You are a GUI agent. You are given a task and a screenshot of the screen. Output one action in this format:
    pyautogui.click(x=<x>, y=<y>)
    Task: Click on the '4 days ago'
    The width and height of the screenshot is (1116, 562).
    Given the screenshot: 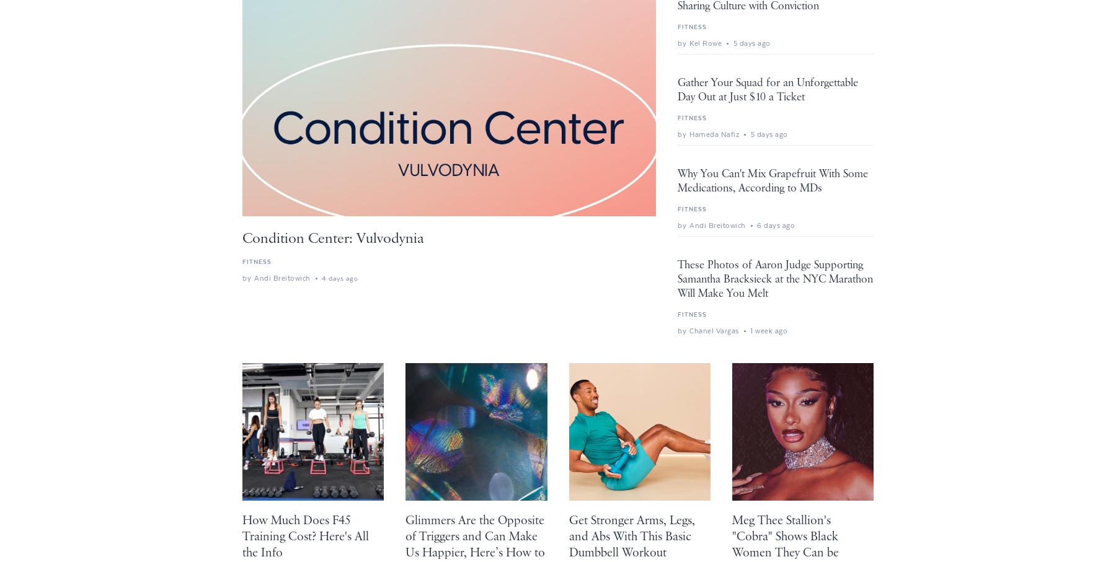 What is the action you would take?
    pyautogui.click(x=339, y=278)
    